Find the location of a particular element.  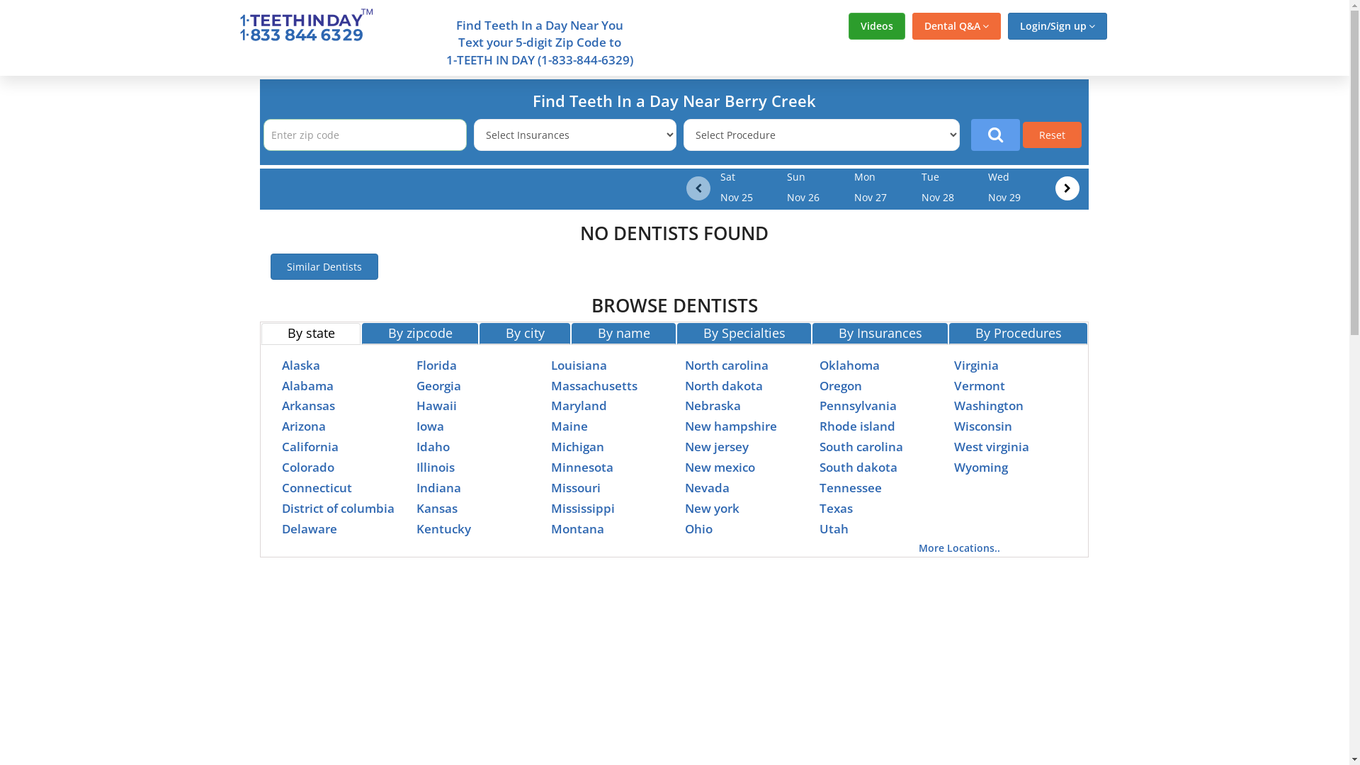

'Indiana' is located at coordinates (438, 487).